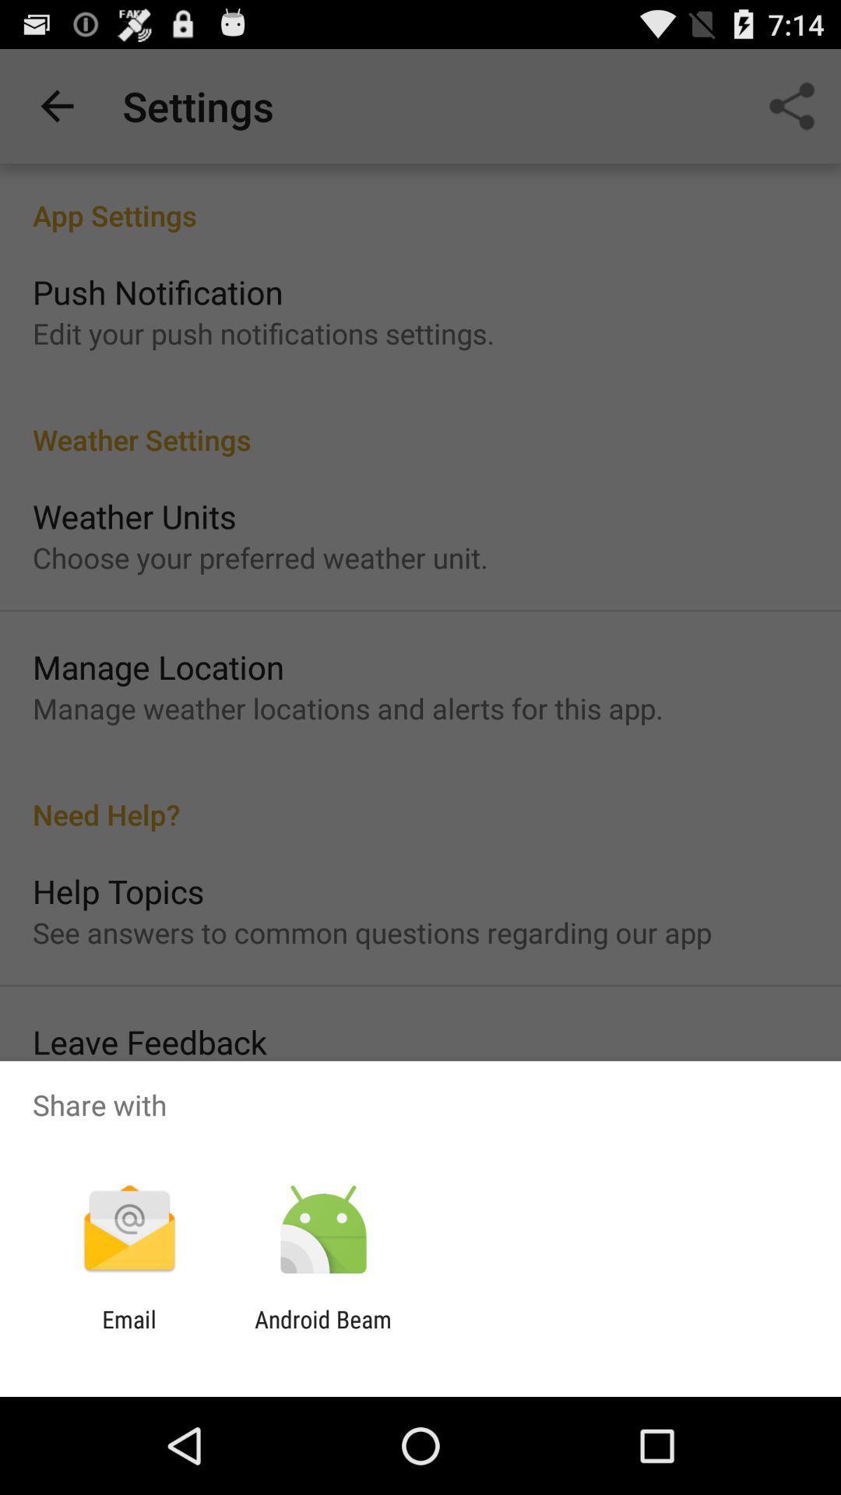 The width and height of the screenshot is (841, 1495). What do you see at coordinates (128, 1332) in the screenshot?
I see `the email item` at bounding box center [128, 1332].